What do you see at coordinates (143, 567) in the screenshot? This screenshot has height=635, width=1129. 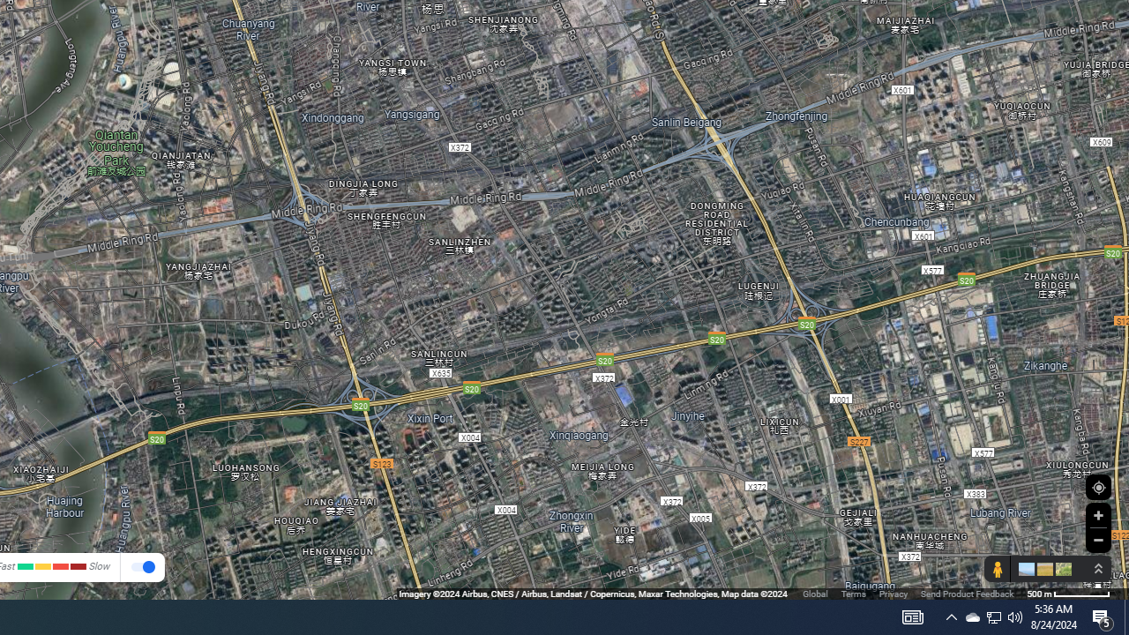 I see `' Show traffic '` at bounding box center [143, 567].